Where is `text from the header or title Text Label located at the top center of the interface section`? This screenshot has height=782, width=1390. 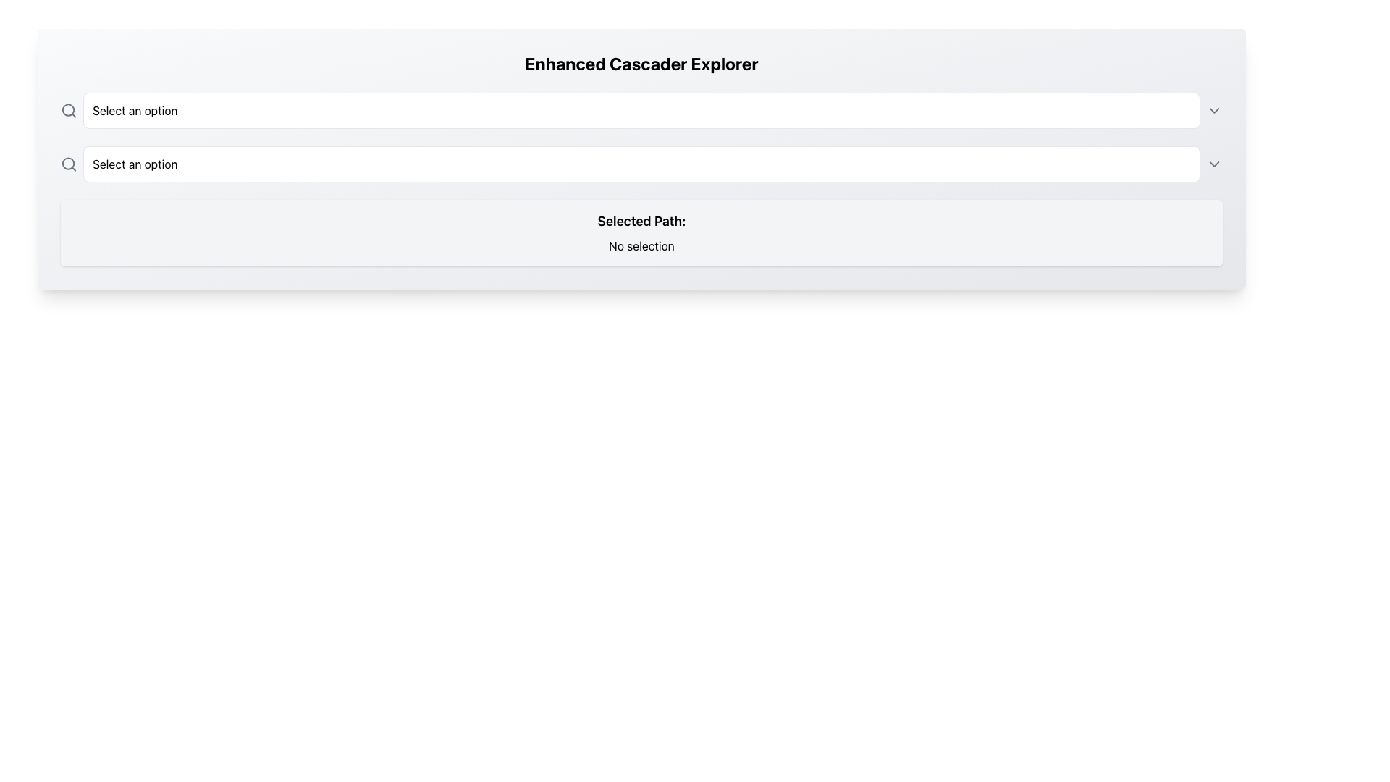 text from the header or title Text Label located at the top center of the interface section is located at coordinates (641, 63).